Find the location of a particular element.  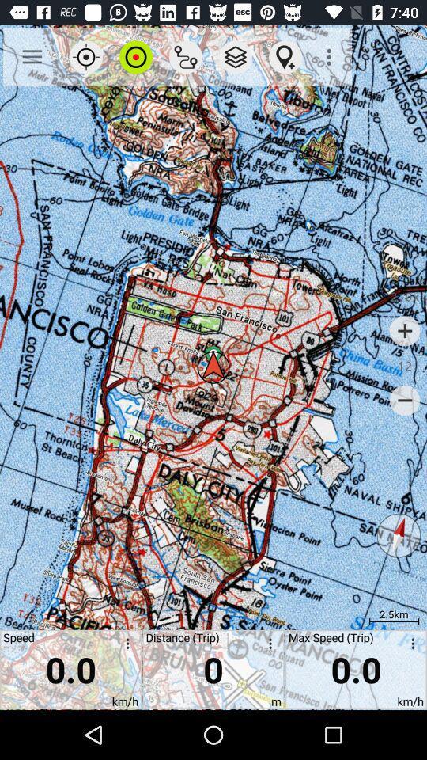

the item above the 0.0 is located at coordinates (136, 57).